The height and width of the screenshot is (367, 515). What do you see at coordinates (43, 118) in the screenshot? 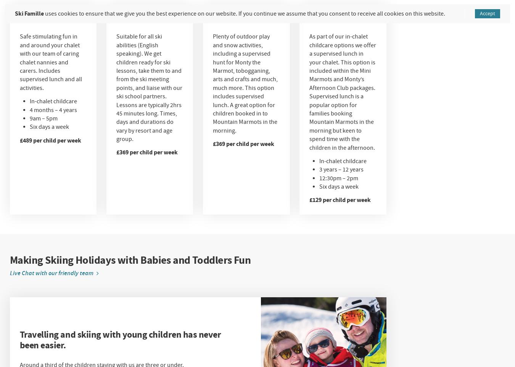
I see `'9am – 5pm'` at bounding box center [43, 118].